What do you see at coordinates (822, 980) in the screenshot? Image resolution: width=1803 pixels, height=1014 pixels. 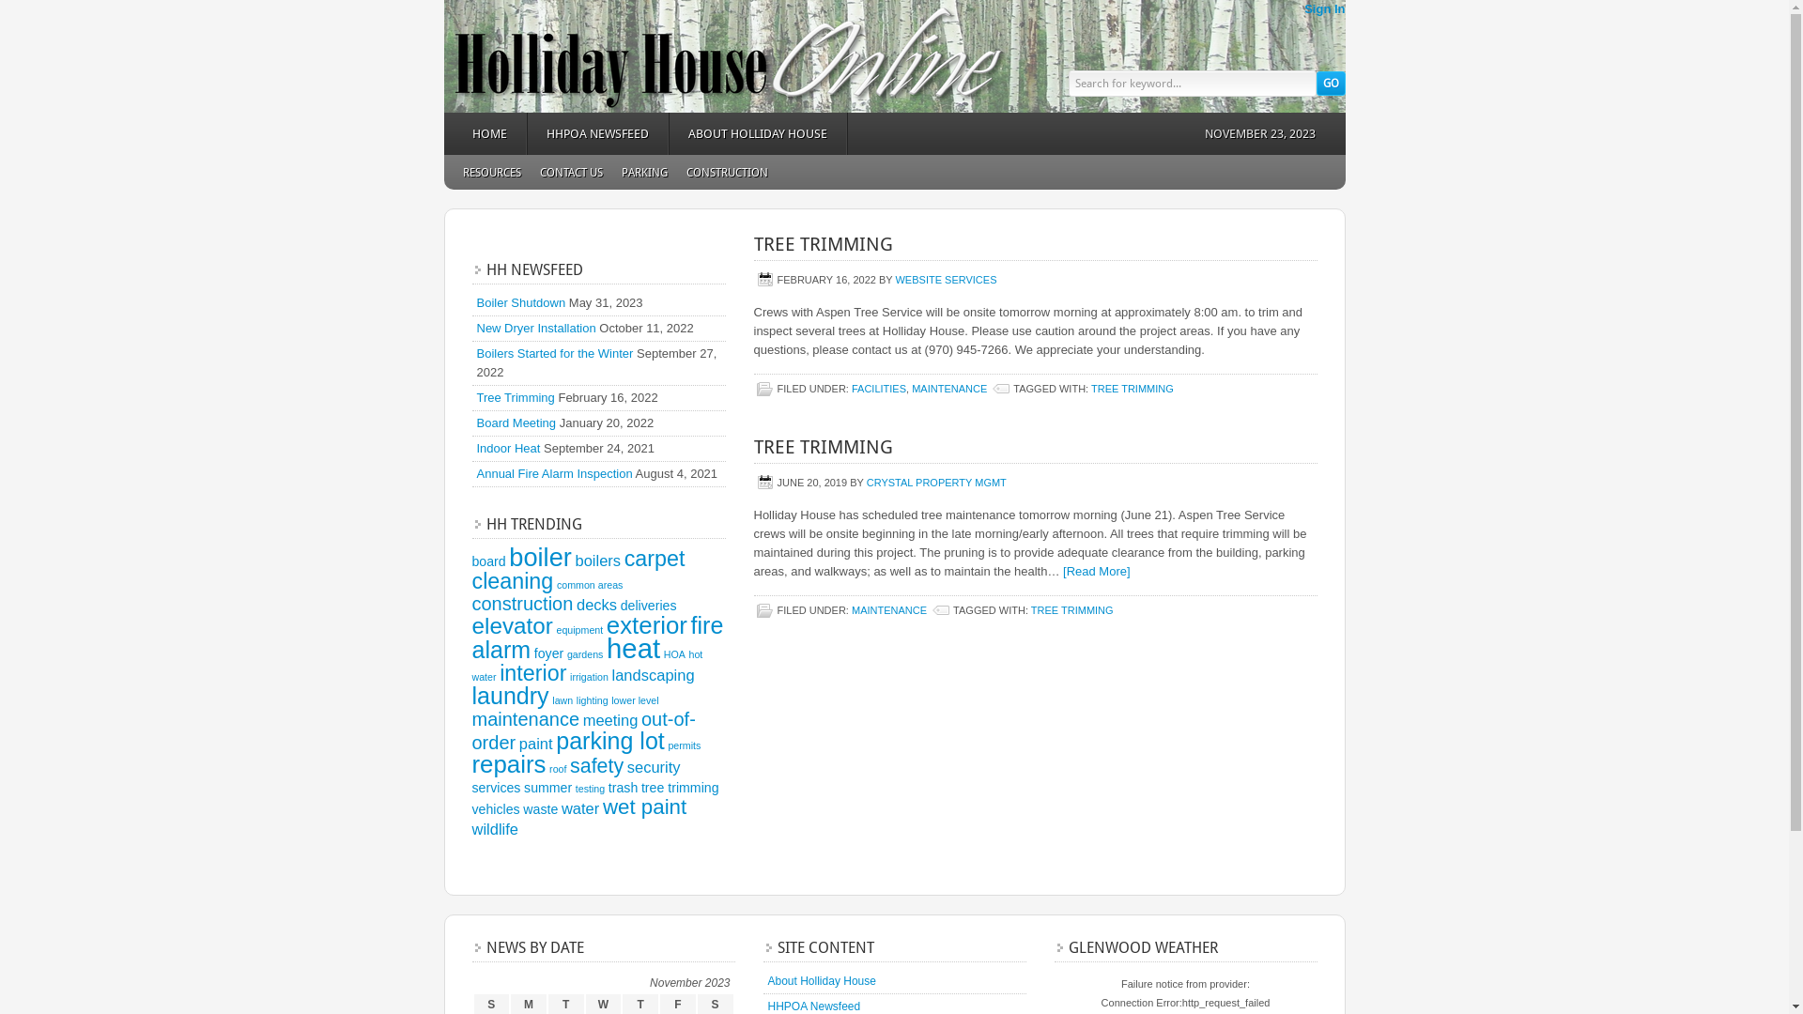 I see `'About Holliday House'` at bounding box center [822, 980].